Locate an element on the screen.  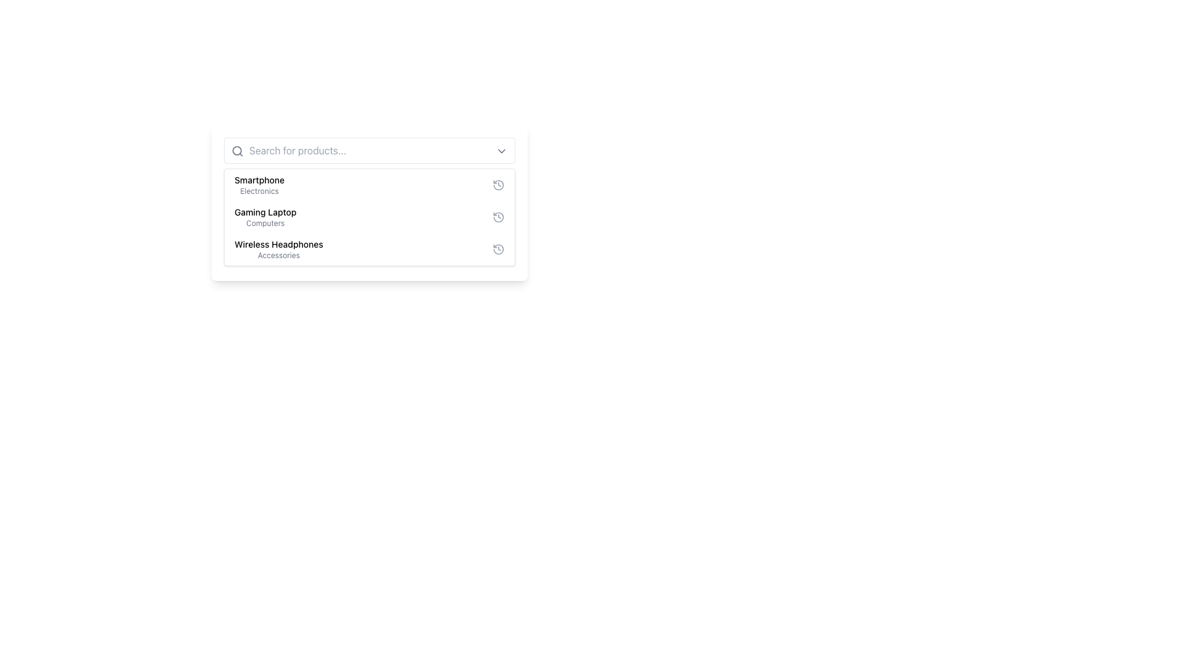
the Textual List Item labeled 'Smartphone' which is the first item in a dropdown list, featuring bold text for 'Smartphone' and lighter text for 'Electronics' is located at coordinates (259, 185).